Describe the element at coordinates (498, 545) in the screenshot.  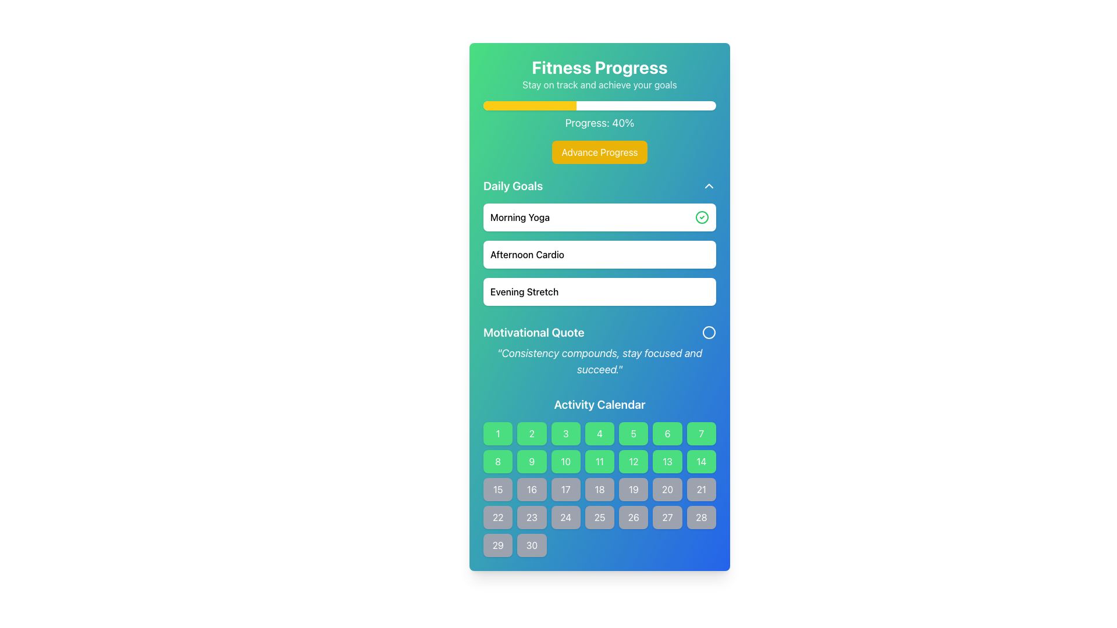
I see `the calendar button located in the 'Activity Calendar' section, which represents a specific day in the last column of the fifth row` at that location.